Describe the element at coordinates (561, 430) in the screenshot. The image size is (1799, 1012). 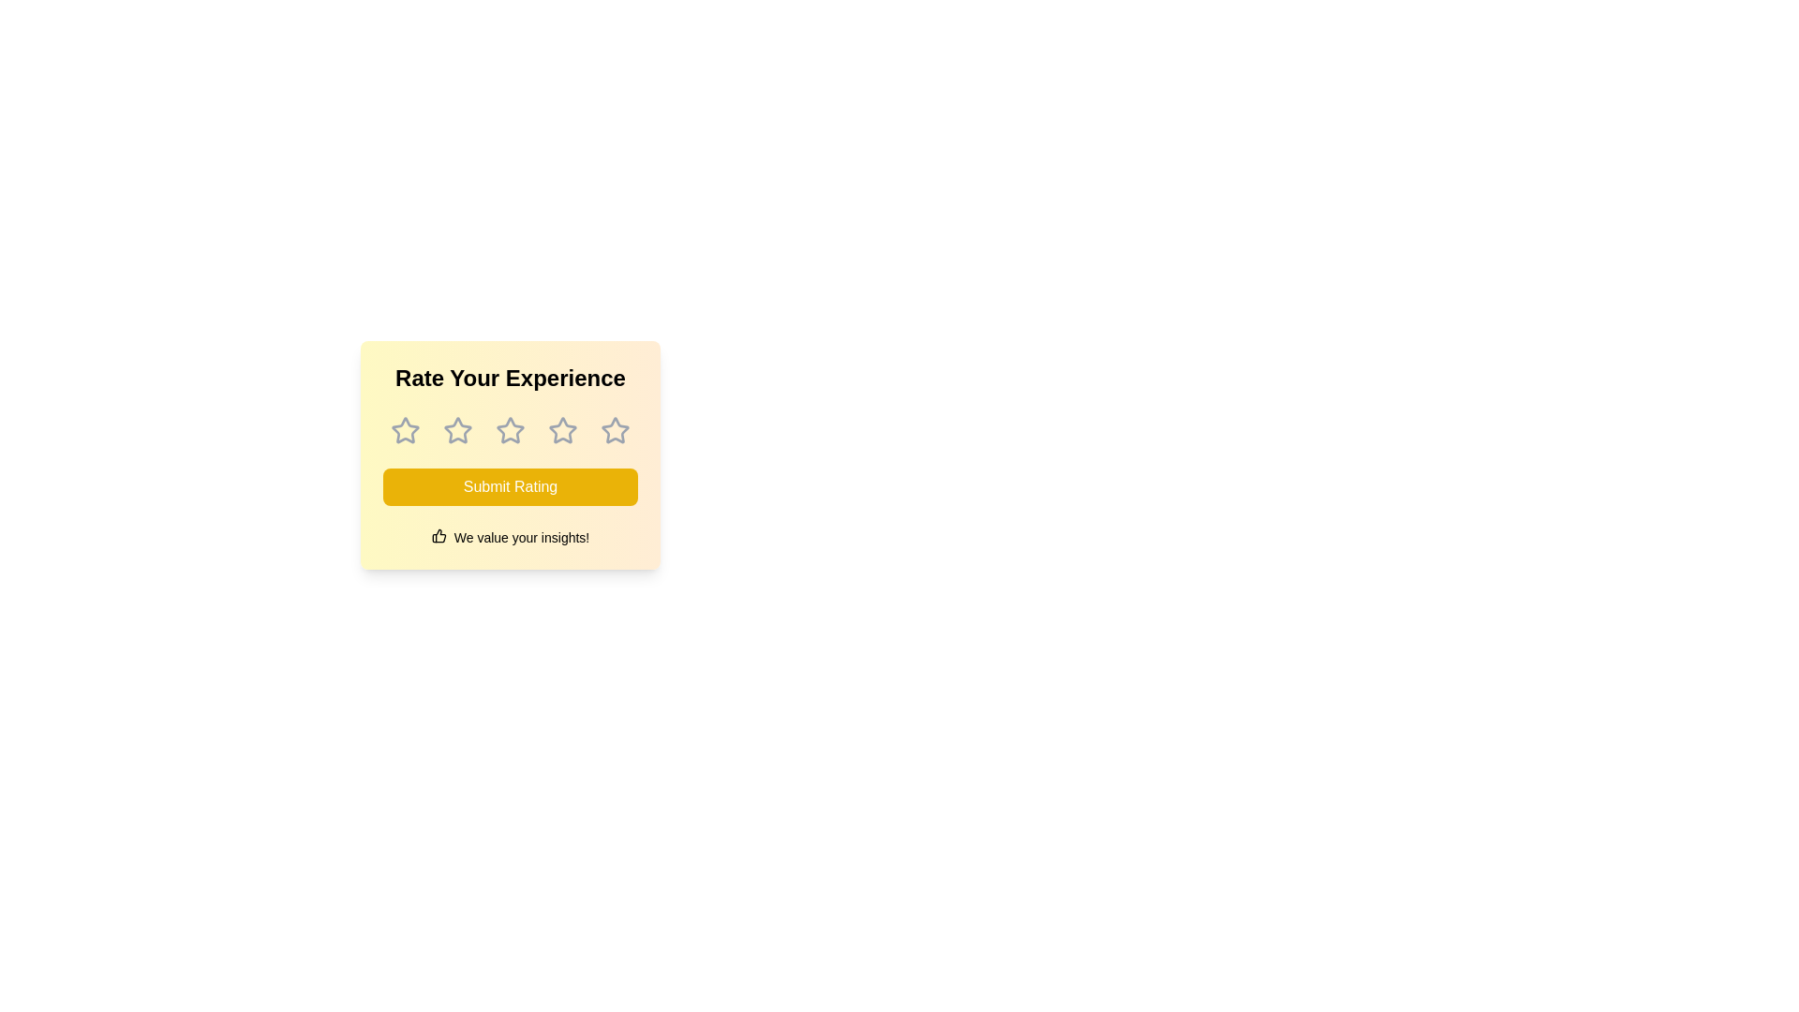
I see `the third star in the rating widget` at that location.